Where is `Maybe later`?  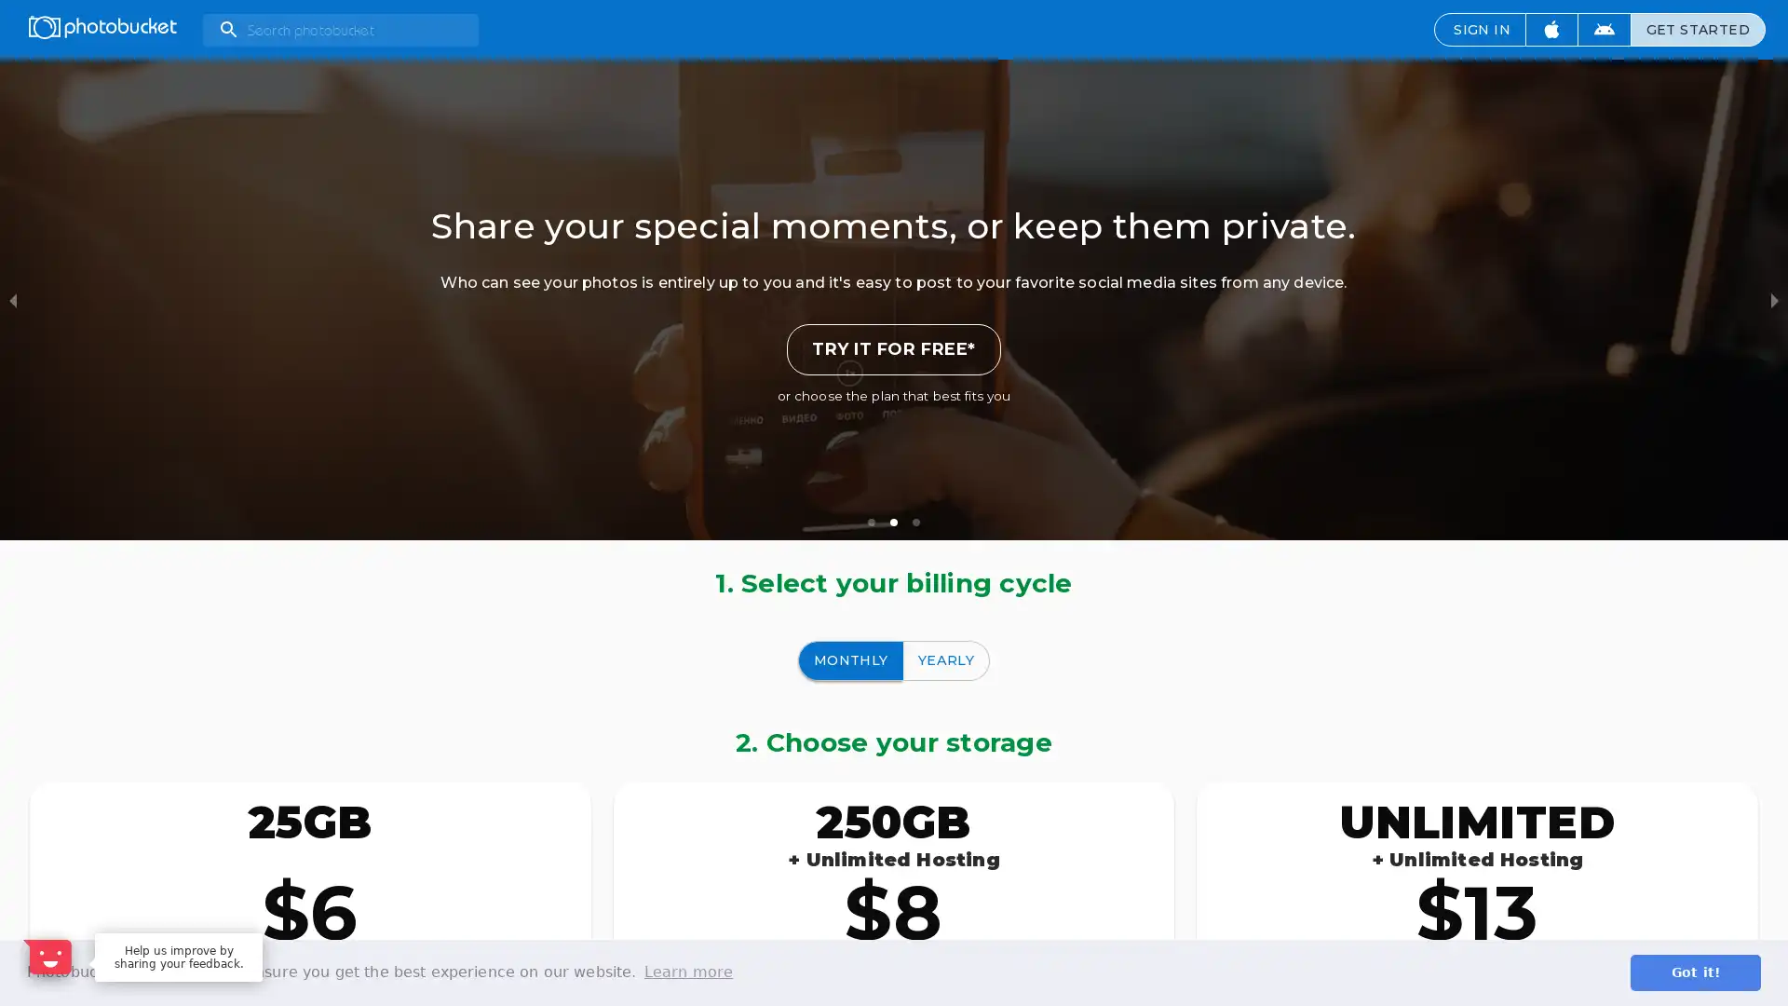
Maybe later is located at coordinates (1519, 932).